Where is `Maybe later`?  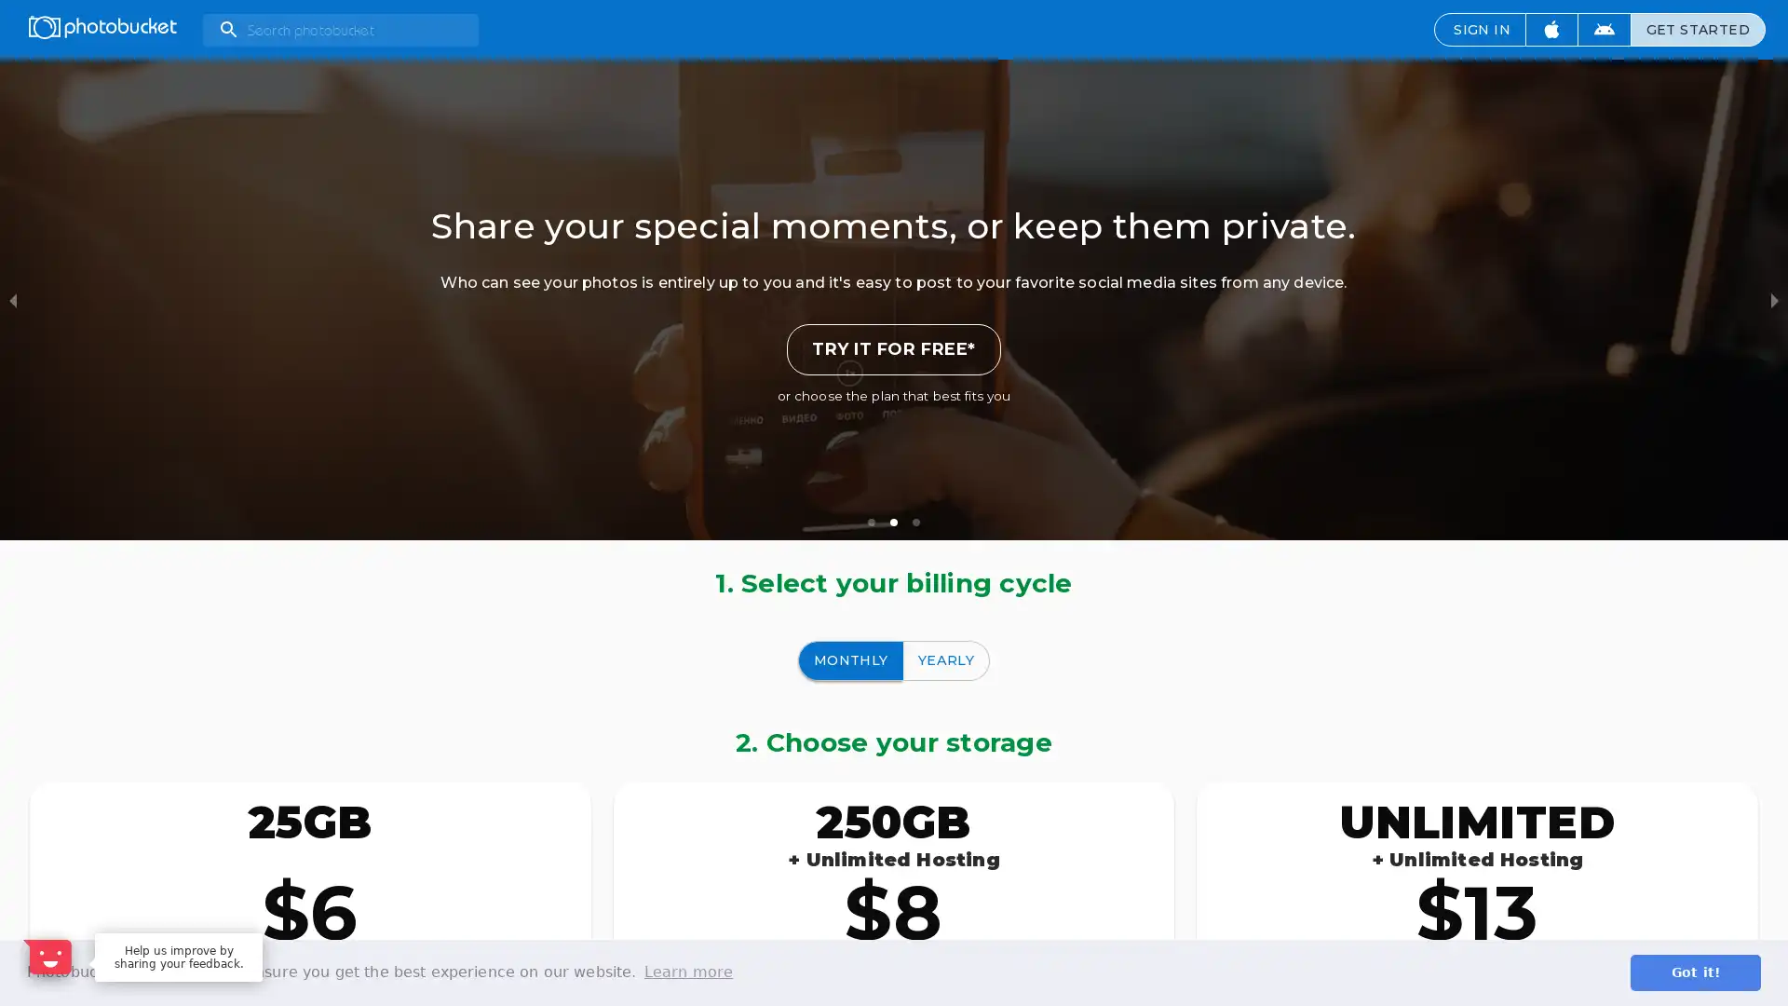
Maybe later is located at coordinates (1519, 932).